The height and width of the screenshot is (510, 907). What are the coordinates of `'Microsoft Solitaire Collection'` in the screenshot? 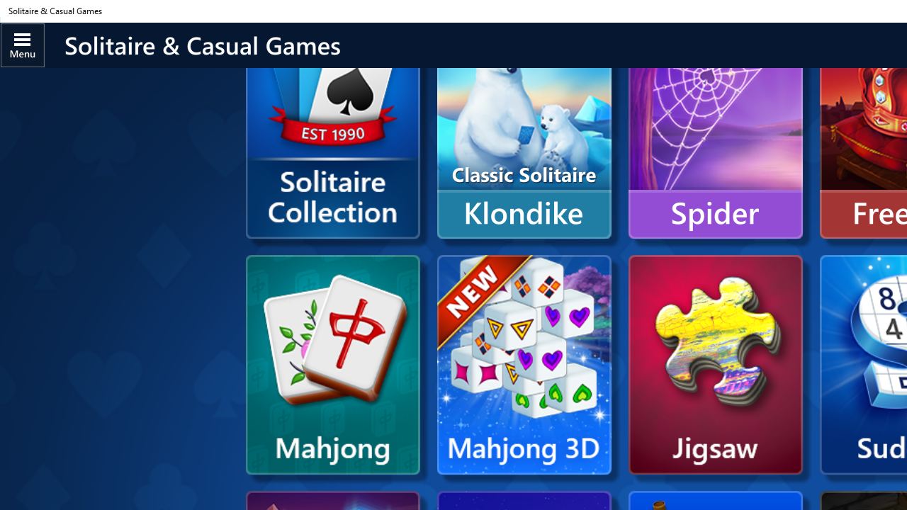 It's located at (332, 150).